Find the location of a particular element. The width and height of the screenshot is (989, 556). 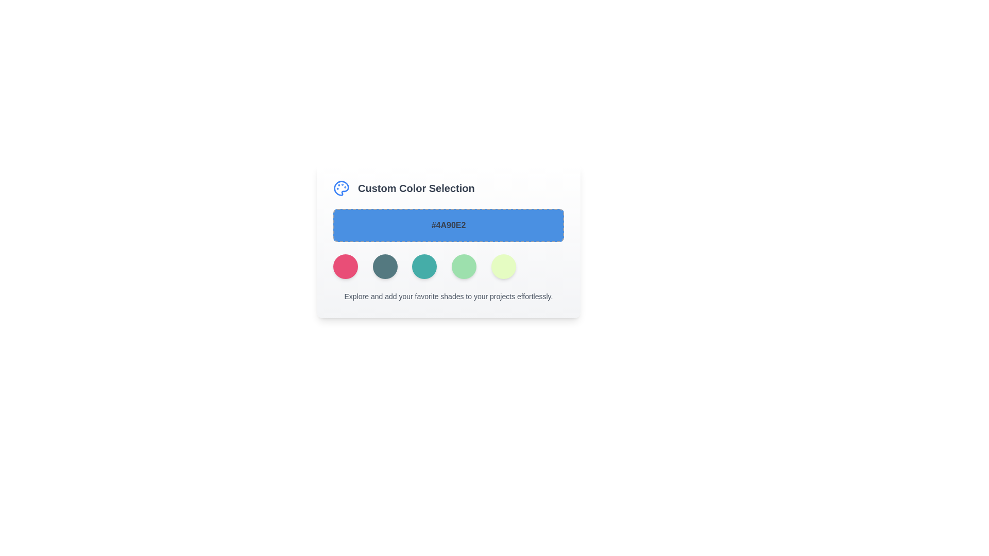

title text that serves as a header for the custom color selection section, located to the left of the text '#4A90E2' and alongside the palette icon is located at coordinates (448, 188).